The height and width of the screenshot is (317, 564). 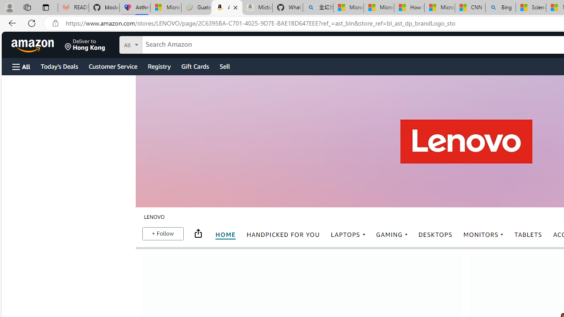 What do you see at coordinates (85, 44) in the screenshot?
I see `'Deliver to Hong Kong'` at bounding box center [85, 44].